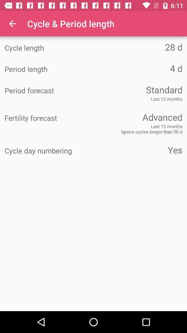 The image size is (187, 333). What do you see at coordinates (138, 89) in the screenshot?
I see `the icon below the period length` at bounding box center [138, 89].